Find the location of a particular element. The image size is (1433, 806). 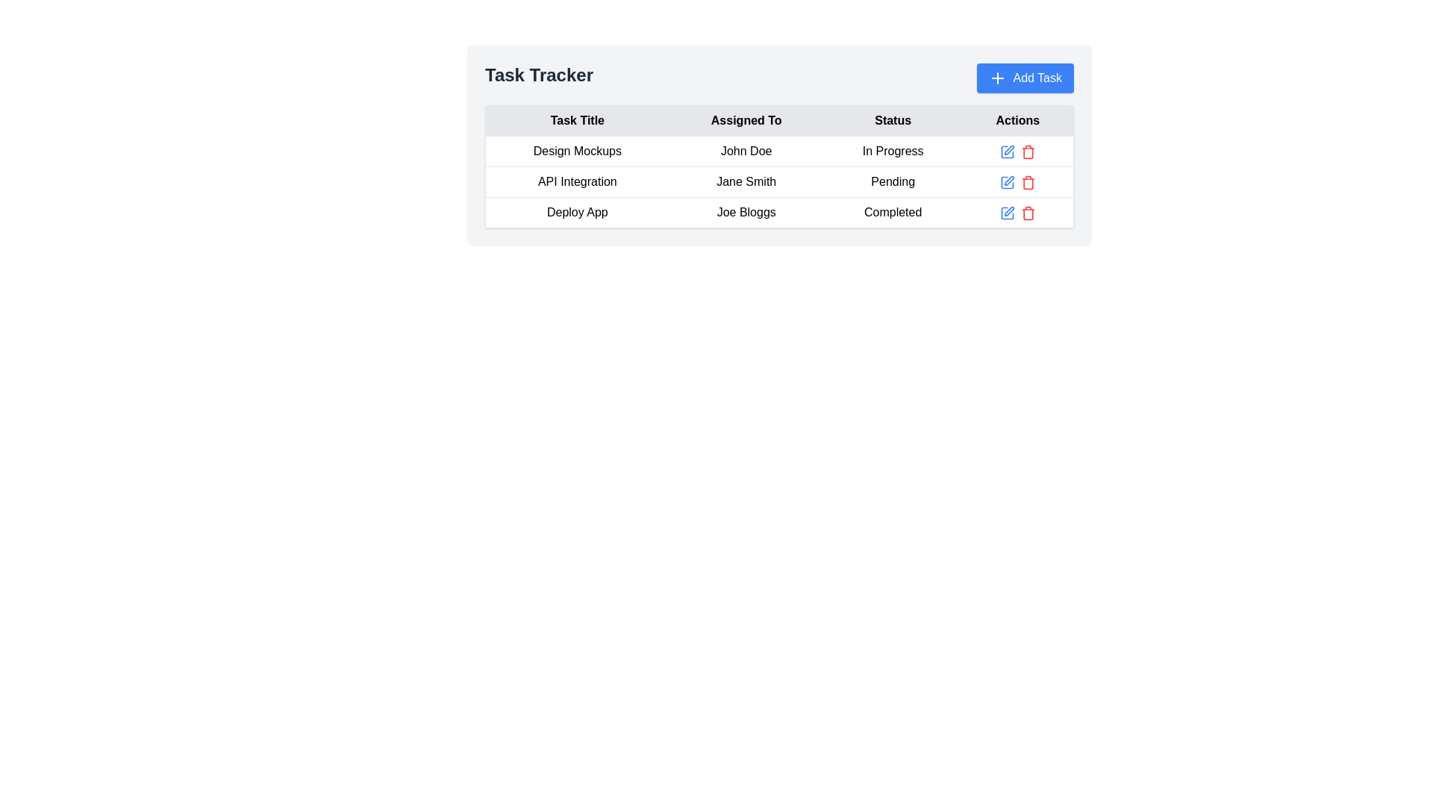

the blue button labeled 'Add Task' with a plus icon is located at coordinates (1025, 78).